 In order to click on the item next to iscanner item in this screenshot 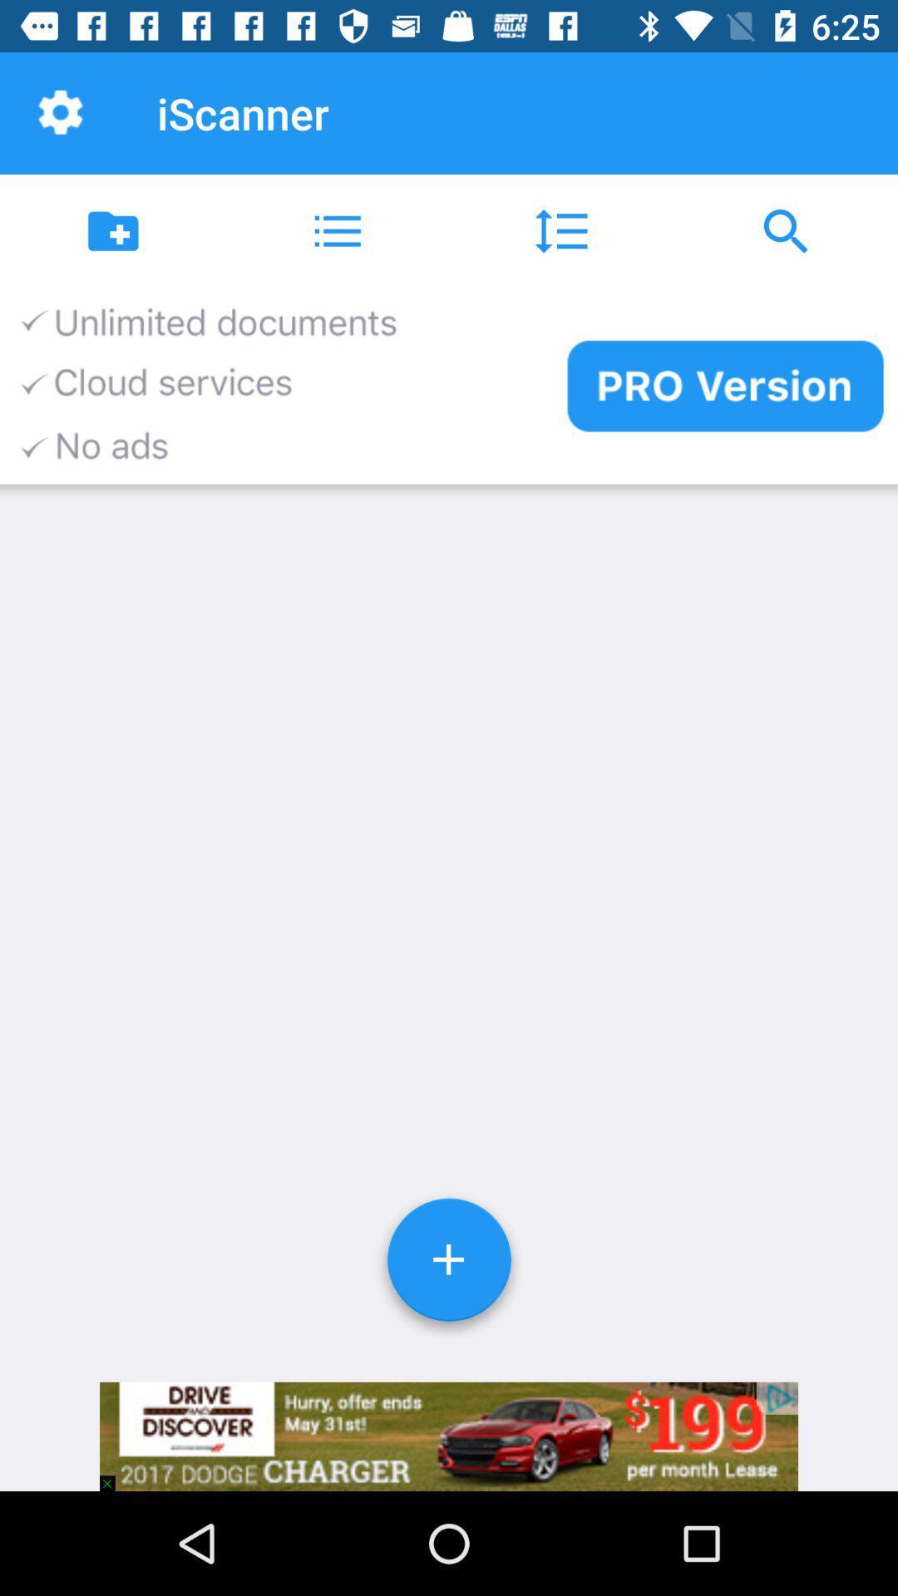, I will do `click(60, 112)`.